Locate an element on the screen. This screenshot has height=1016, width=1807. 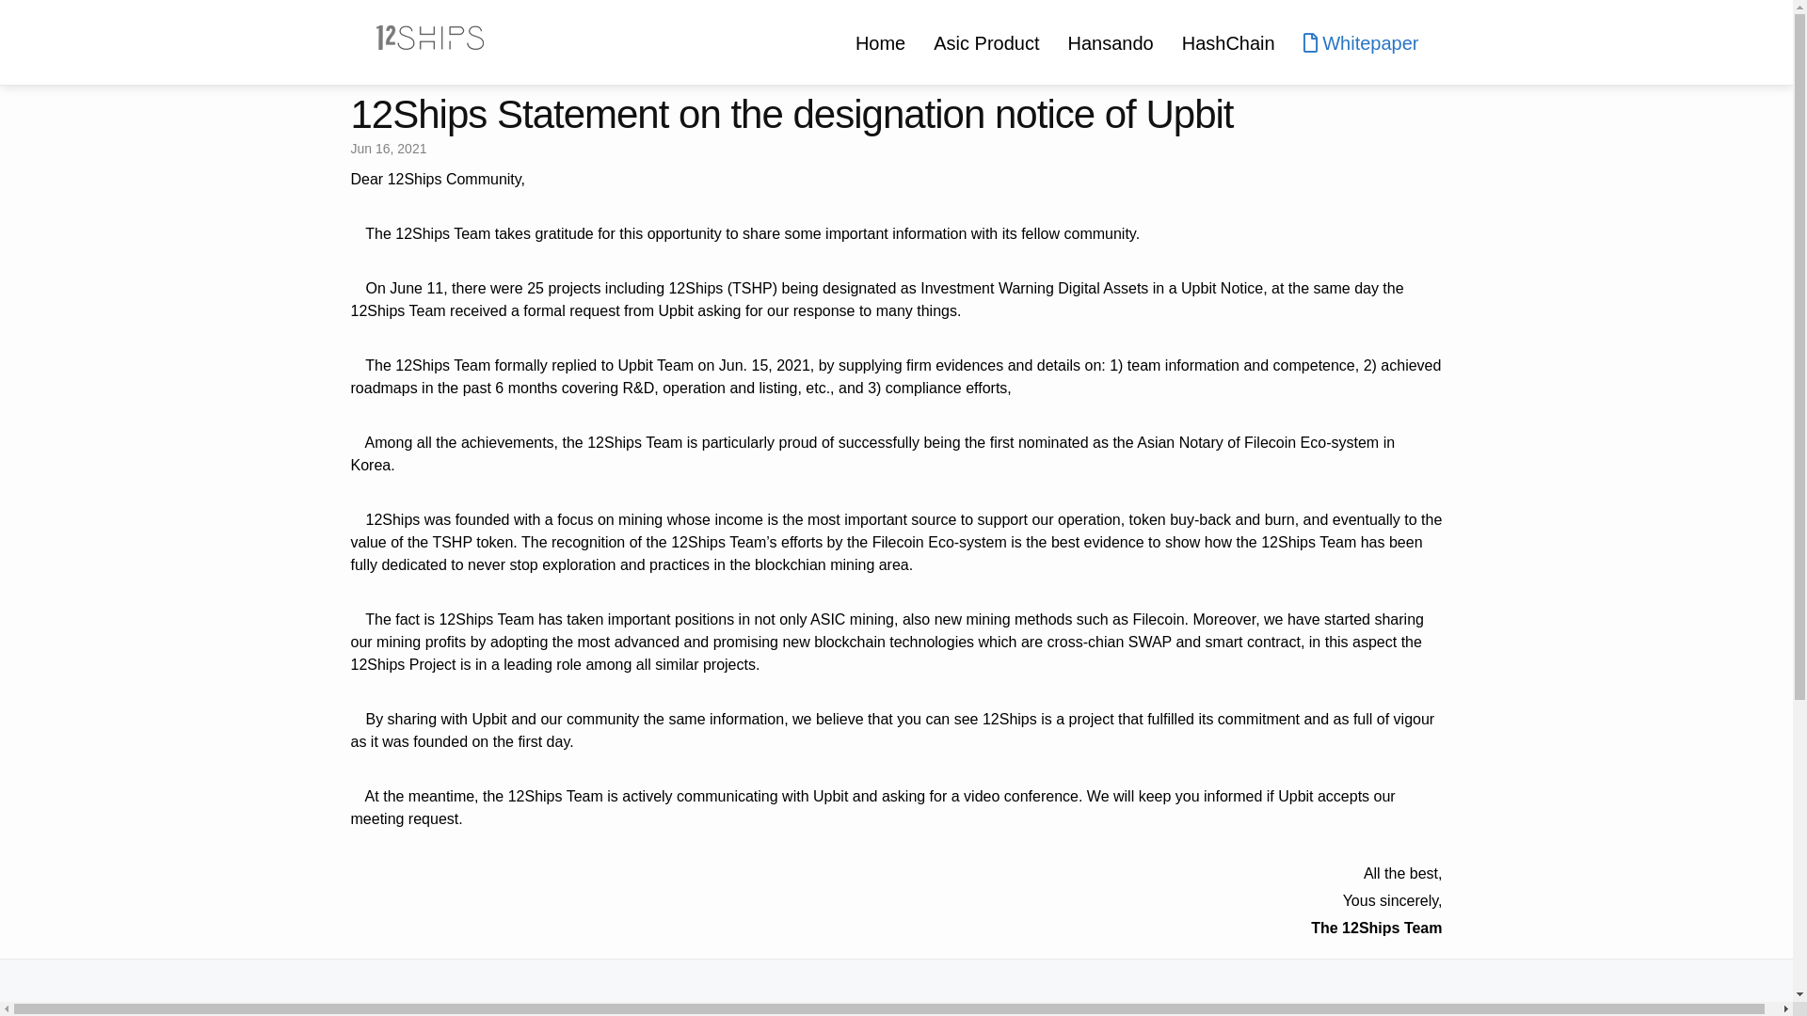
'Asic Product' is located at coordinates (984, 42).